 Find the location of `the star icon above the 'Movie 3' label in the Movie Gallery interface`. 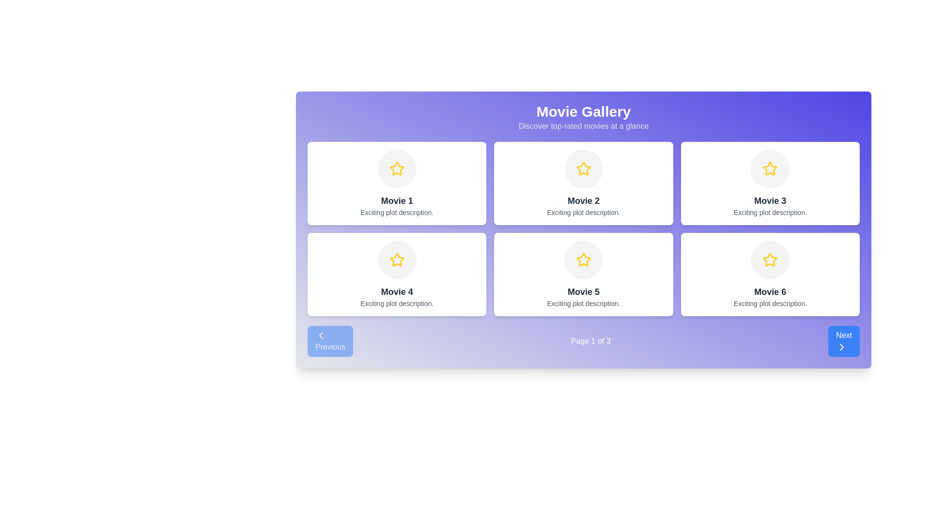

the star icon above the 'Movie 3' label in the Movie Gallery interface is located at coordinates (769, 168).